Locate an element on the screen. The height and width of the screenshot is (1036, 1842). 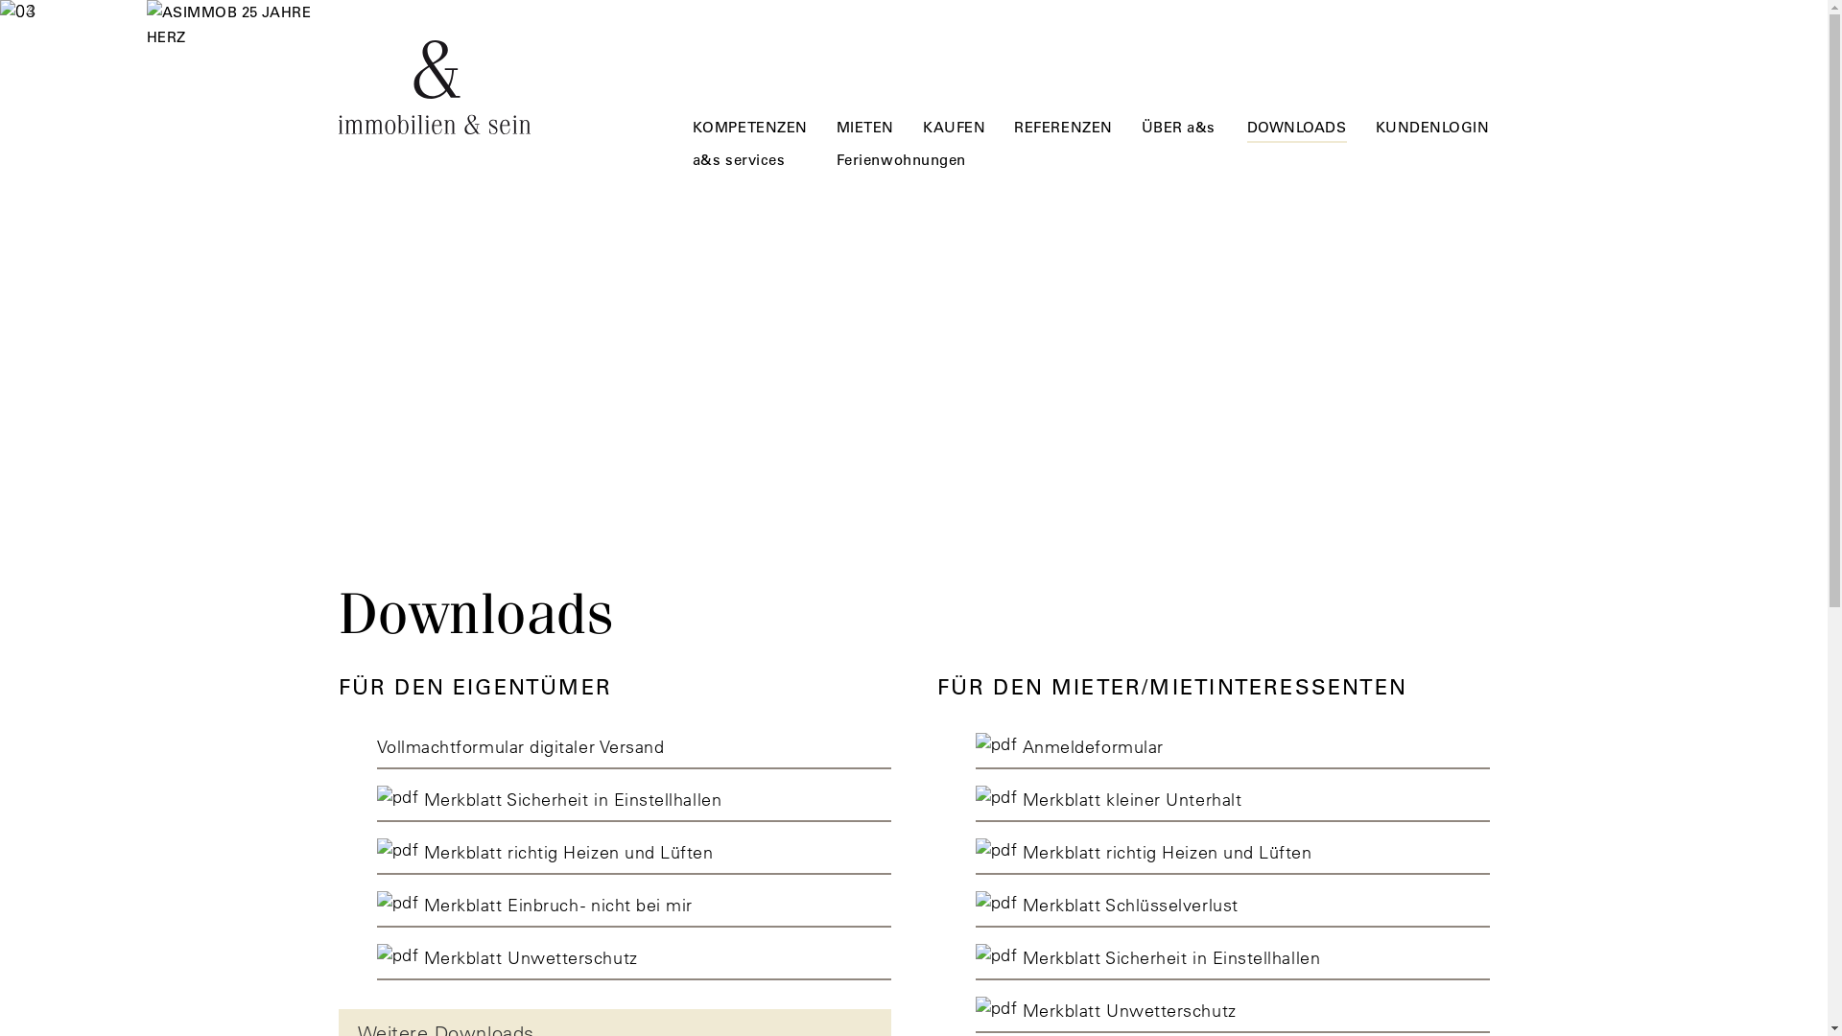
'DOWNLOADS' is located at coordinates (1297, 129).